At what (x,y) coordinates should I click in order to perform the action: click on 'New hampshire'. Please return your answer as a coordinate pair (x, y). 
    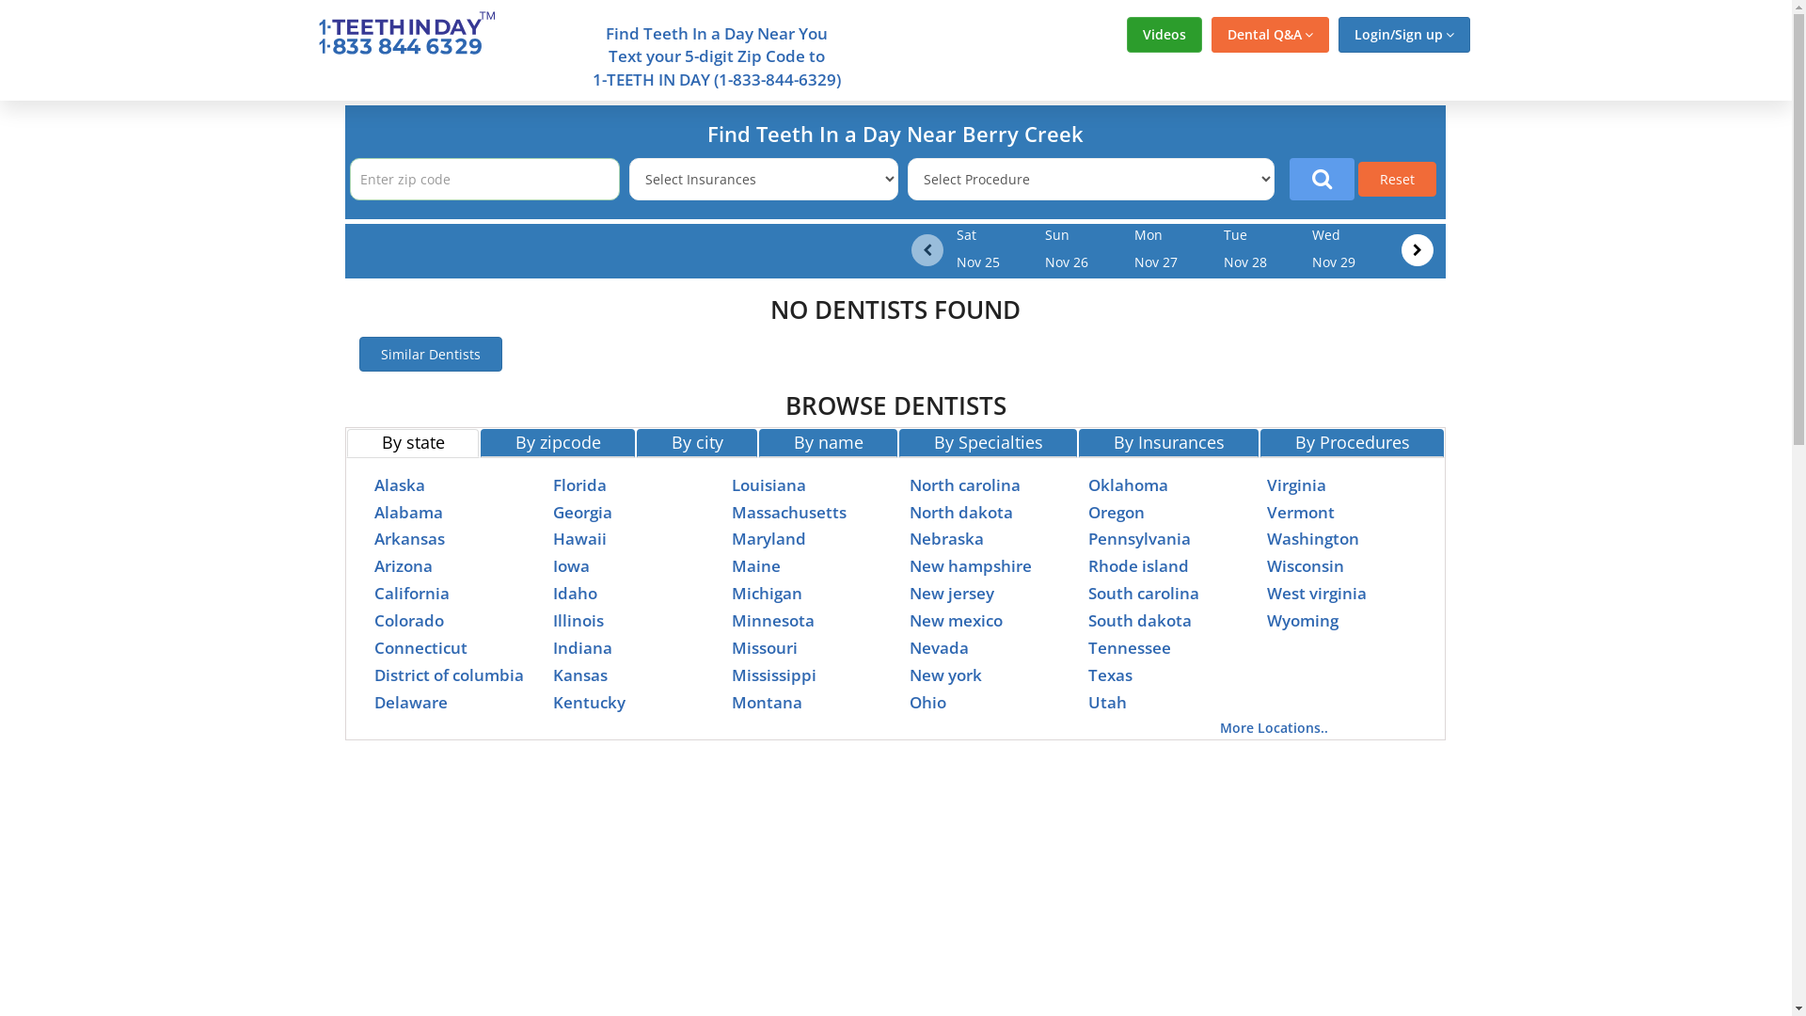
    Looking at the image, I should click on (909, 564).